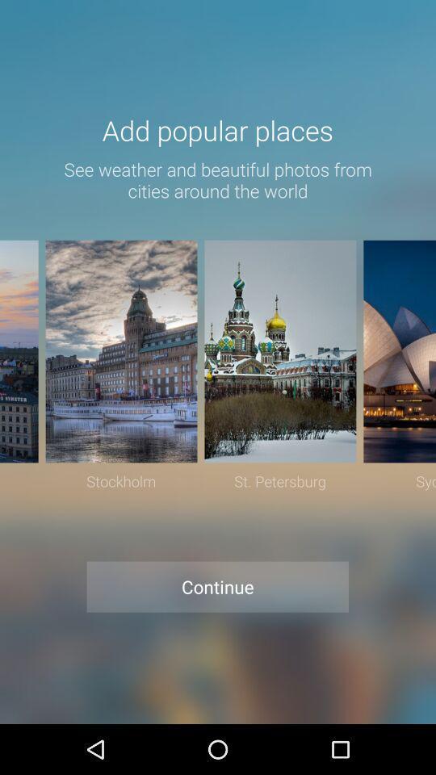 This screenshot has height=775, width=436. Describe the element at coordinates (217, 586) in the screenshot. I see `the continue at the bottom` at that location.